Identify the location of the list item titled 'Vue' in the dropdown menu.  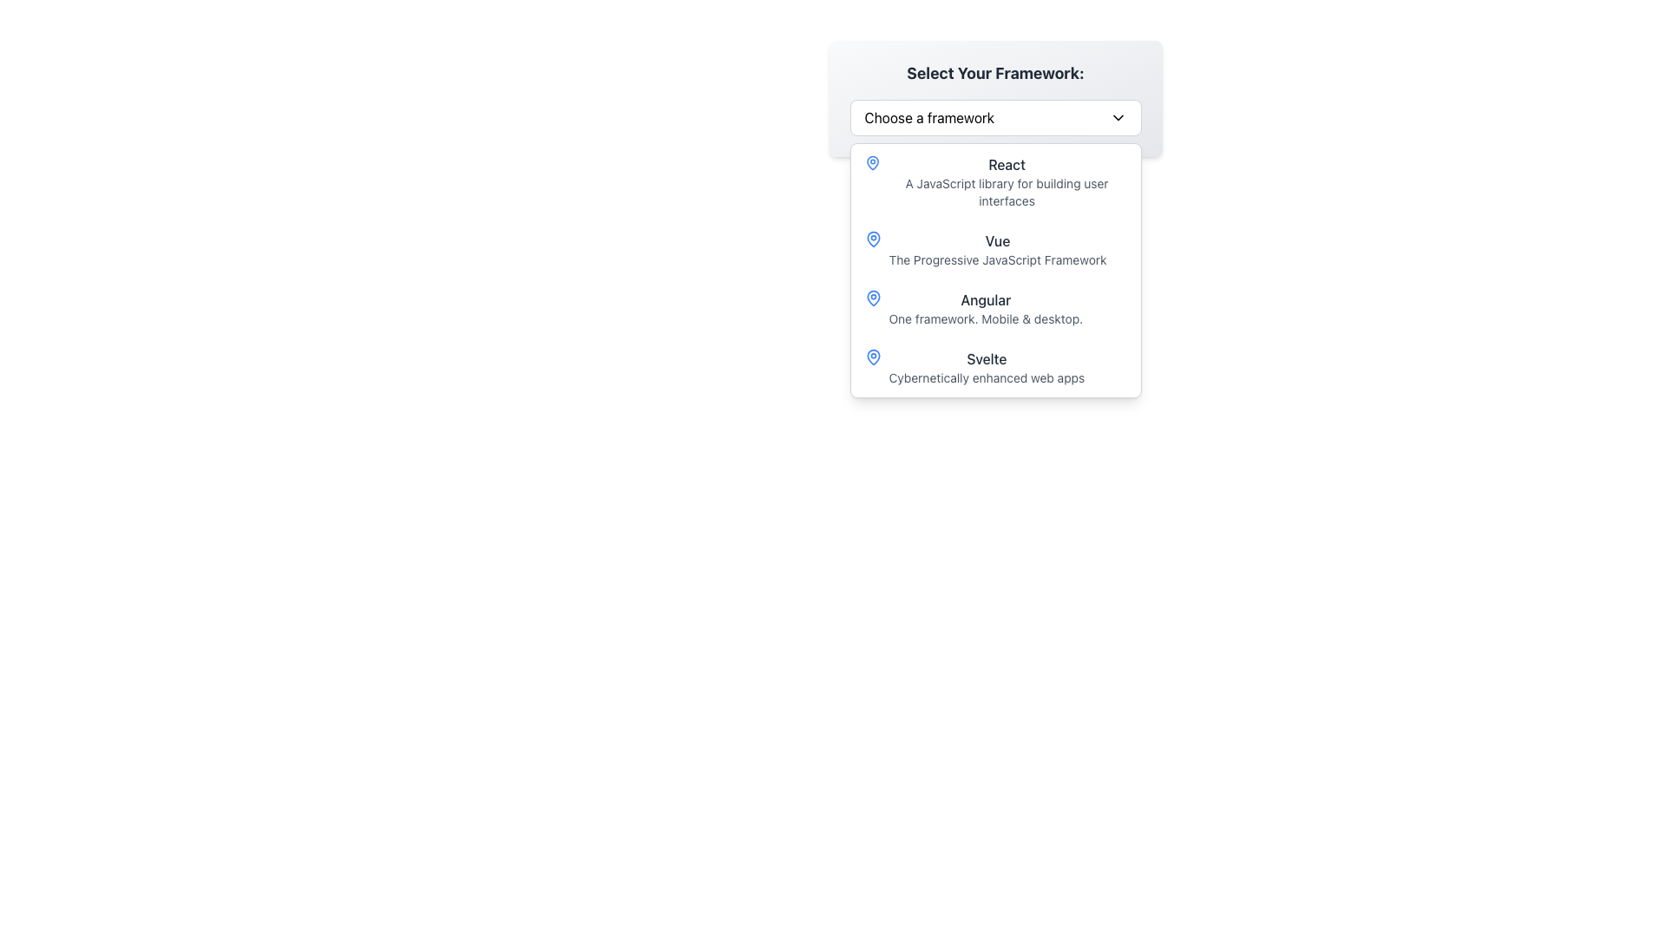
(995, 250).